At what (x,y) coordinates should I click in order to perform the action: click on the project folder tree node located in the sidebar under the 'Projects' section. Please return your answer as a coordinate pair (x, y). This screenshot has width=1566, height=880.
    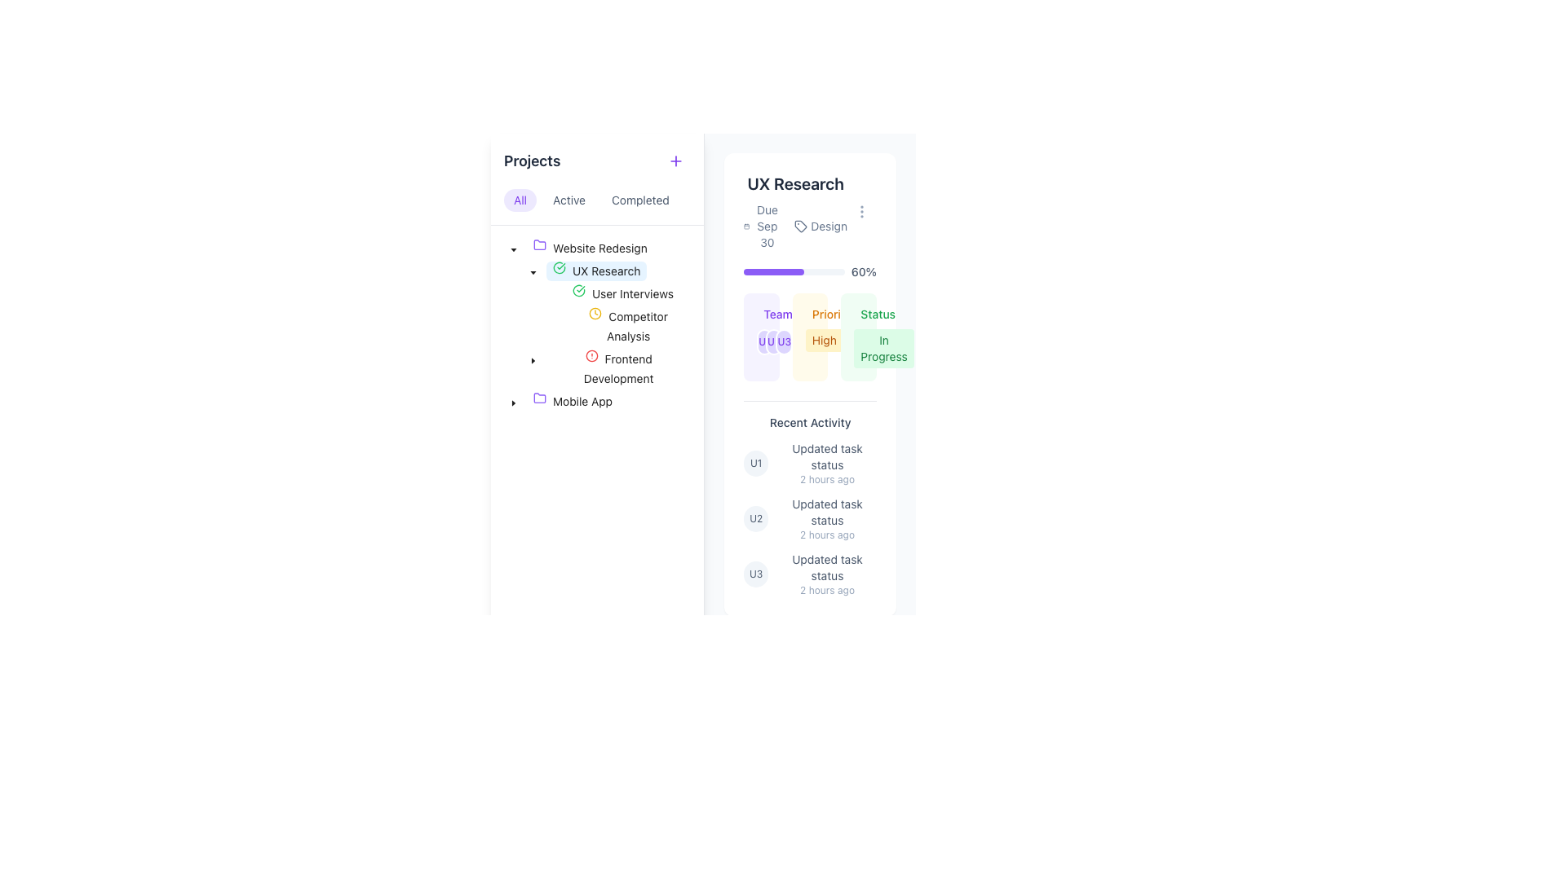
    Looking at the image, I should click on (589, 248).